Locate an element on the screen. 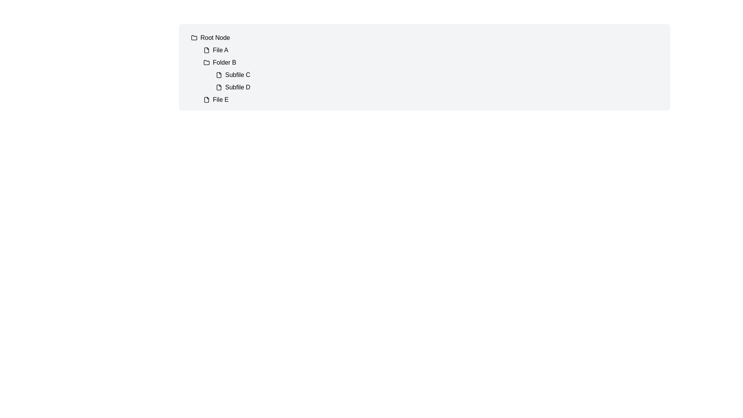 The height and width of the screenshot is (418, 743). the 'Root Node' label is located at coordinates (215, 38).